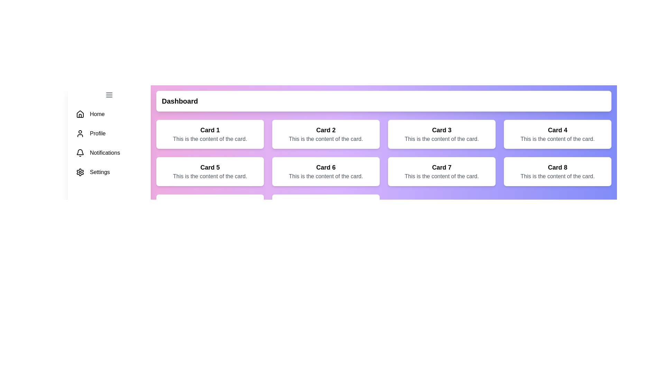  What do you see at coordinates (109, 153) in the screenshot?
I see `the menu item Notifications to highlight it` at bounding box center [109, 153].